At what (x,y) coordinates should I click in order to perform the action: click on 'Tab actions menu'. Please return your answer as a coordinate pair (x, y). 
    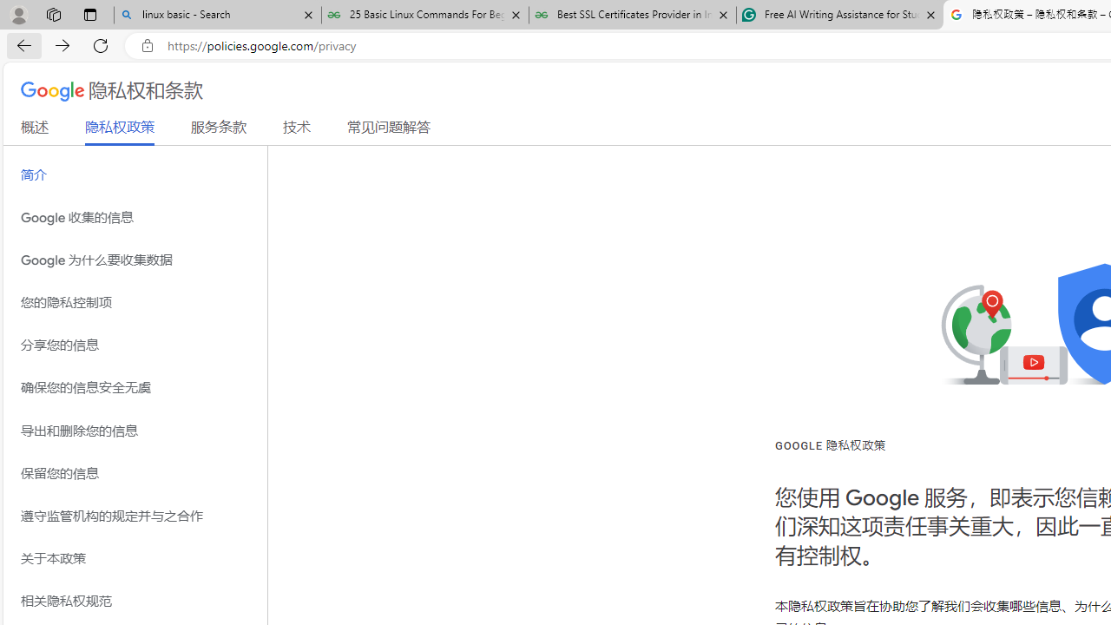
    Looking at the image, I should click on (89, 14).